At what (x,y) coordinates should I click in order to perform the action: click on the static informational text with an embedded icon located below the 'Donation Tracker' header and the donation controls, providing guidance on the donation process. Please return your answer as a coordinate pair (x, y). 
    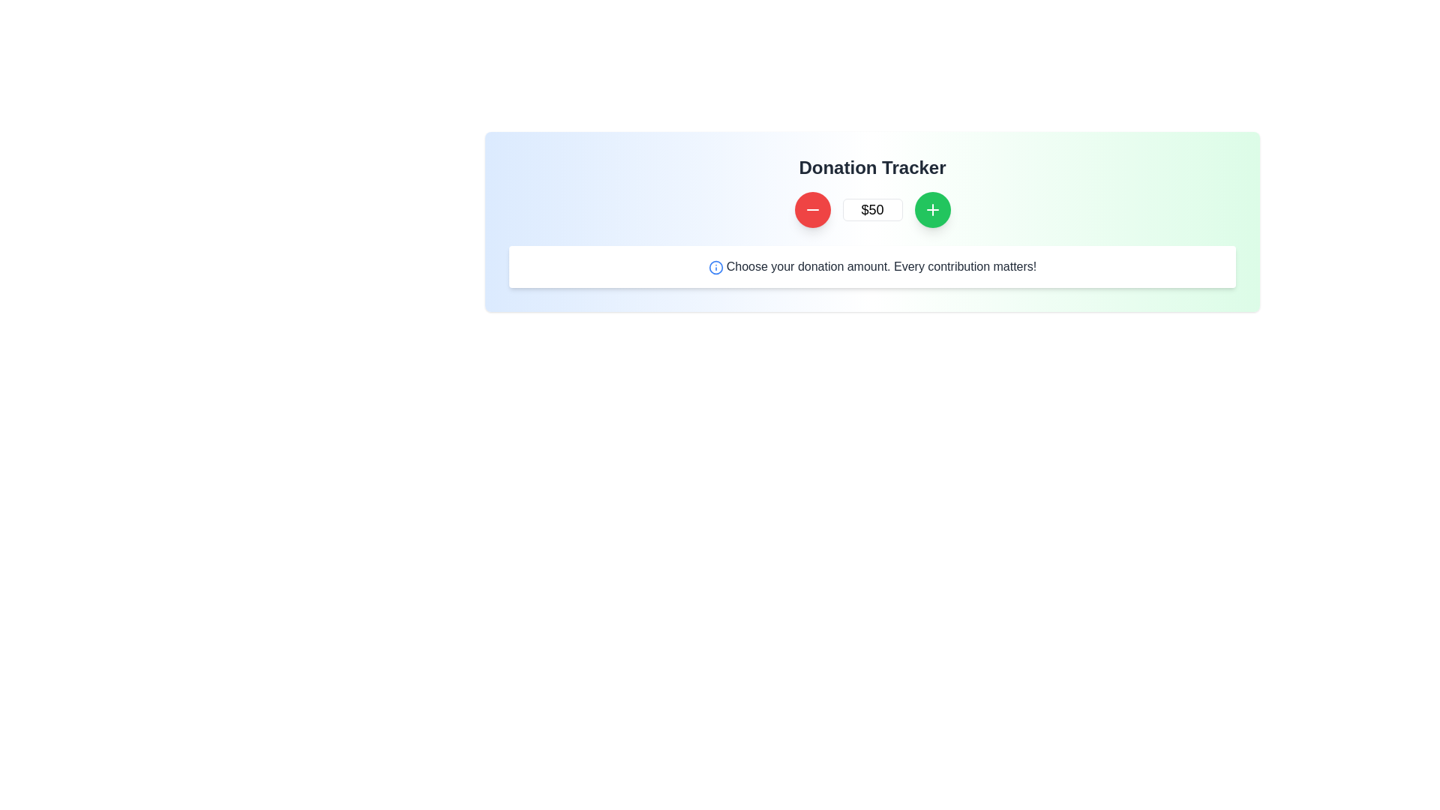
    Looking at the image, I should click on (872, 265).